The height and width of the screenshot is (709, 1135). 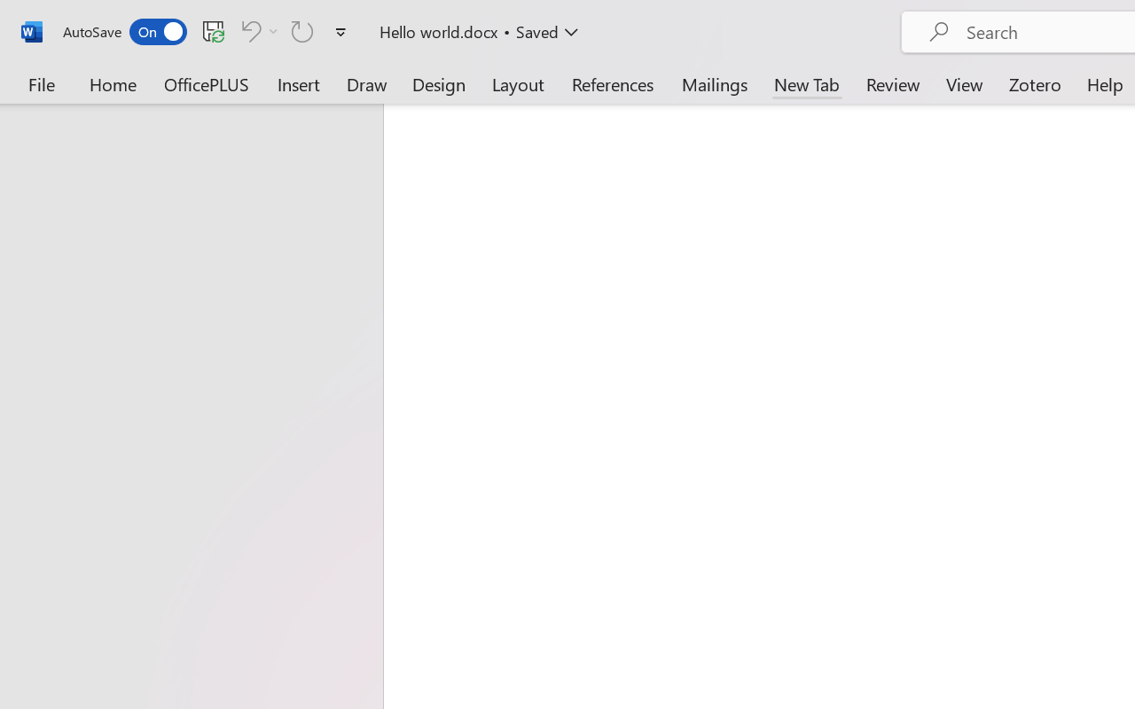 I want to click on 'AutoSave', so click(x=123, y=31).